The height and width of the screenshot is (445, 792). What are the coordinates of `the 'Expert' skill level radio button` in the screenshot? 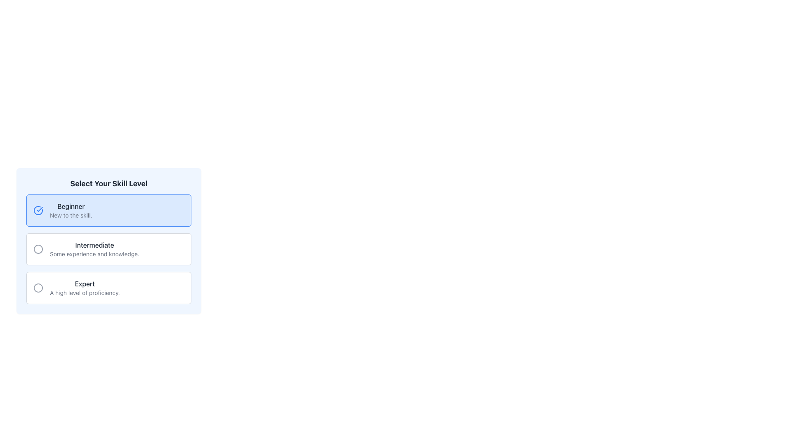 It's located at (38, 287).